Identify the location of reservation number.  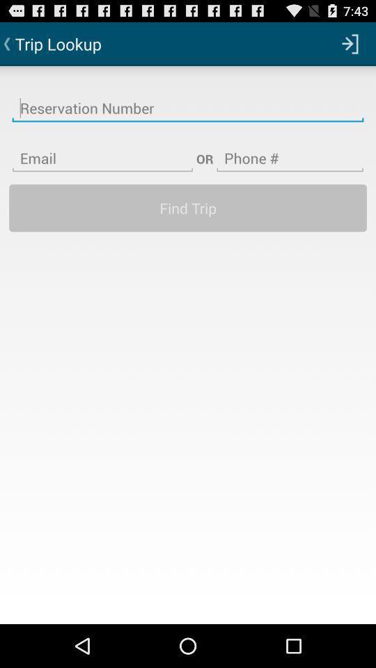
(188, 99).